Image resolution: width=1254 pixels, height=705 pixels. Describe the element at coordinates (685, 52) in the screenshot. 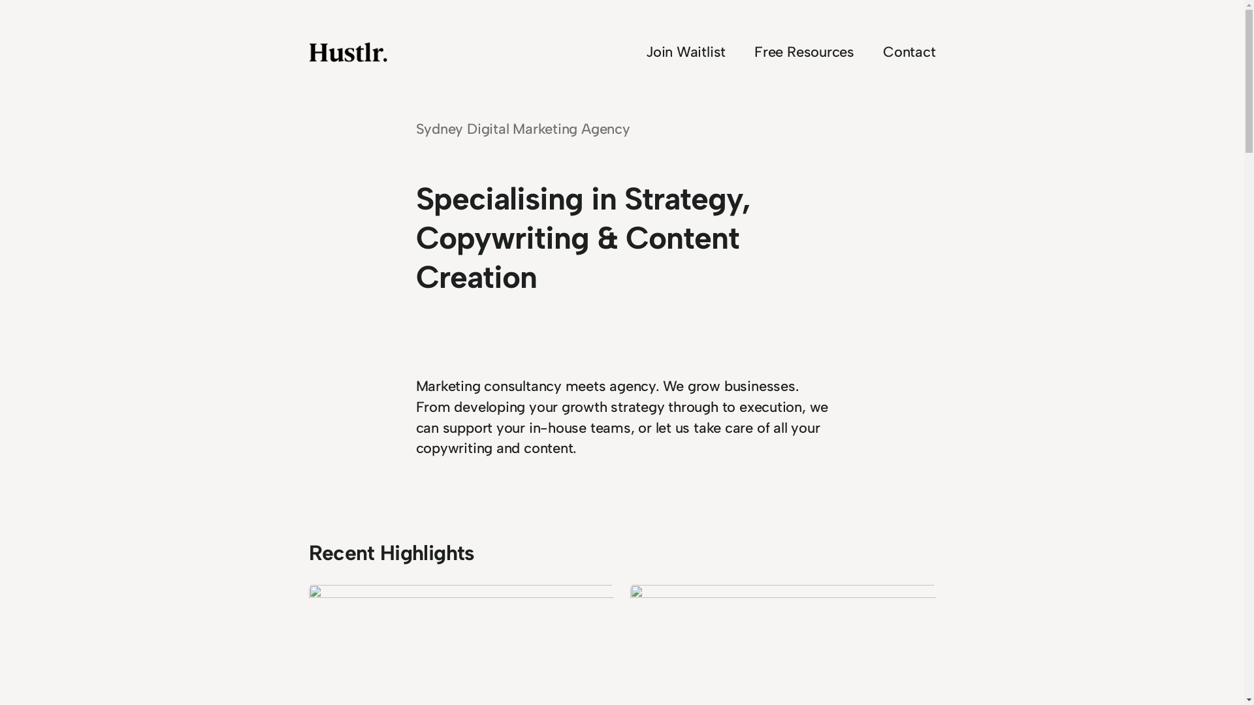

I see `'Join Waitlist'` at that location.